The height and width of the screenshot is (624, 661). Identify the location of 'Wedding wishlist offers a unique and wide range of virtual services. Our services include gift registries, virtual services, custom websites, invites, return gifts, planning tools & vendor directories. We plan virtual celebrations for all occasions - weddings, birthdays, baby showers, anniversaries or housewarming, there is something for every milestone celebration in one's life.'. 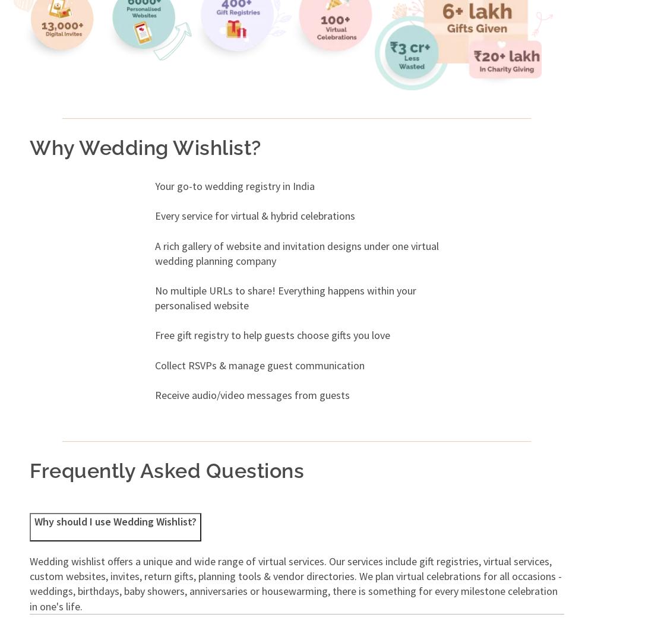
(295, 584).